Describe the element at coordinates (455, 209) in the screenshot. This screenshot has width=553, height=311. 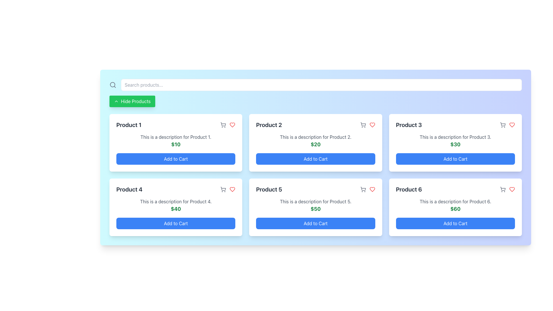
I see `the bold green text element displaying '$60', located above the 'Add to Cart' button in the 'Product 6' card for more details` at that location.